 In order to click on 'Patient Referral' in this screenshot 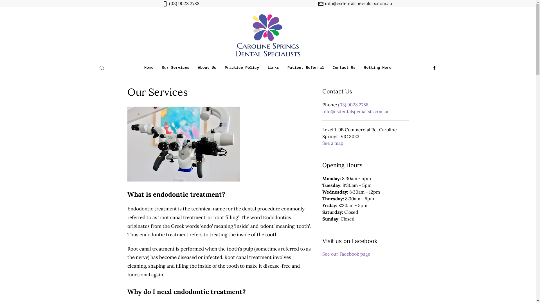, I will do `click(305, 68)`.